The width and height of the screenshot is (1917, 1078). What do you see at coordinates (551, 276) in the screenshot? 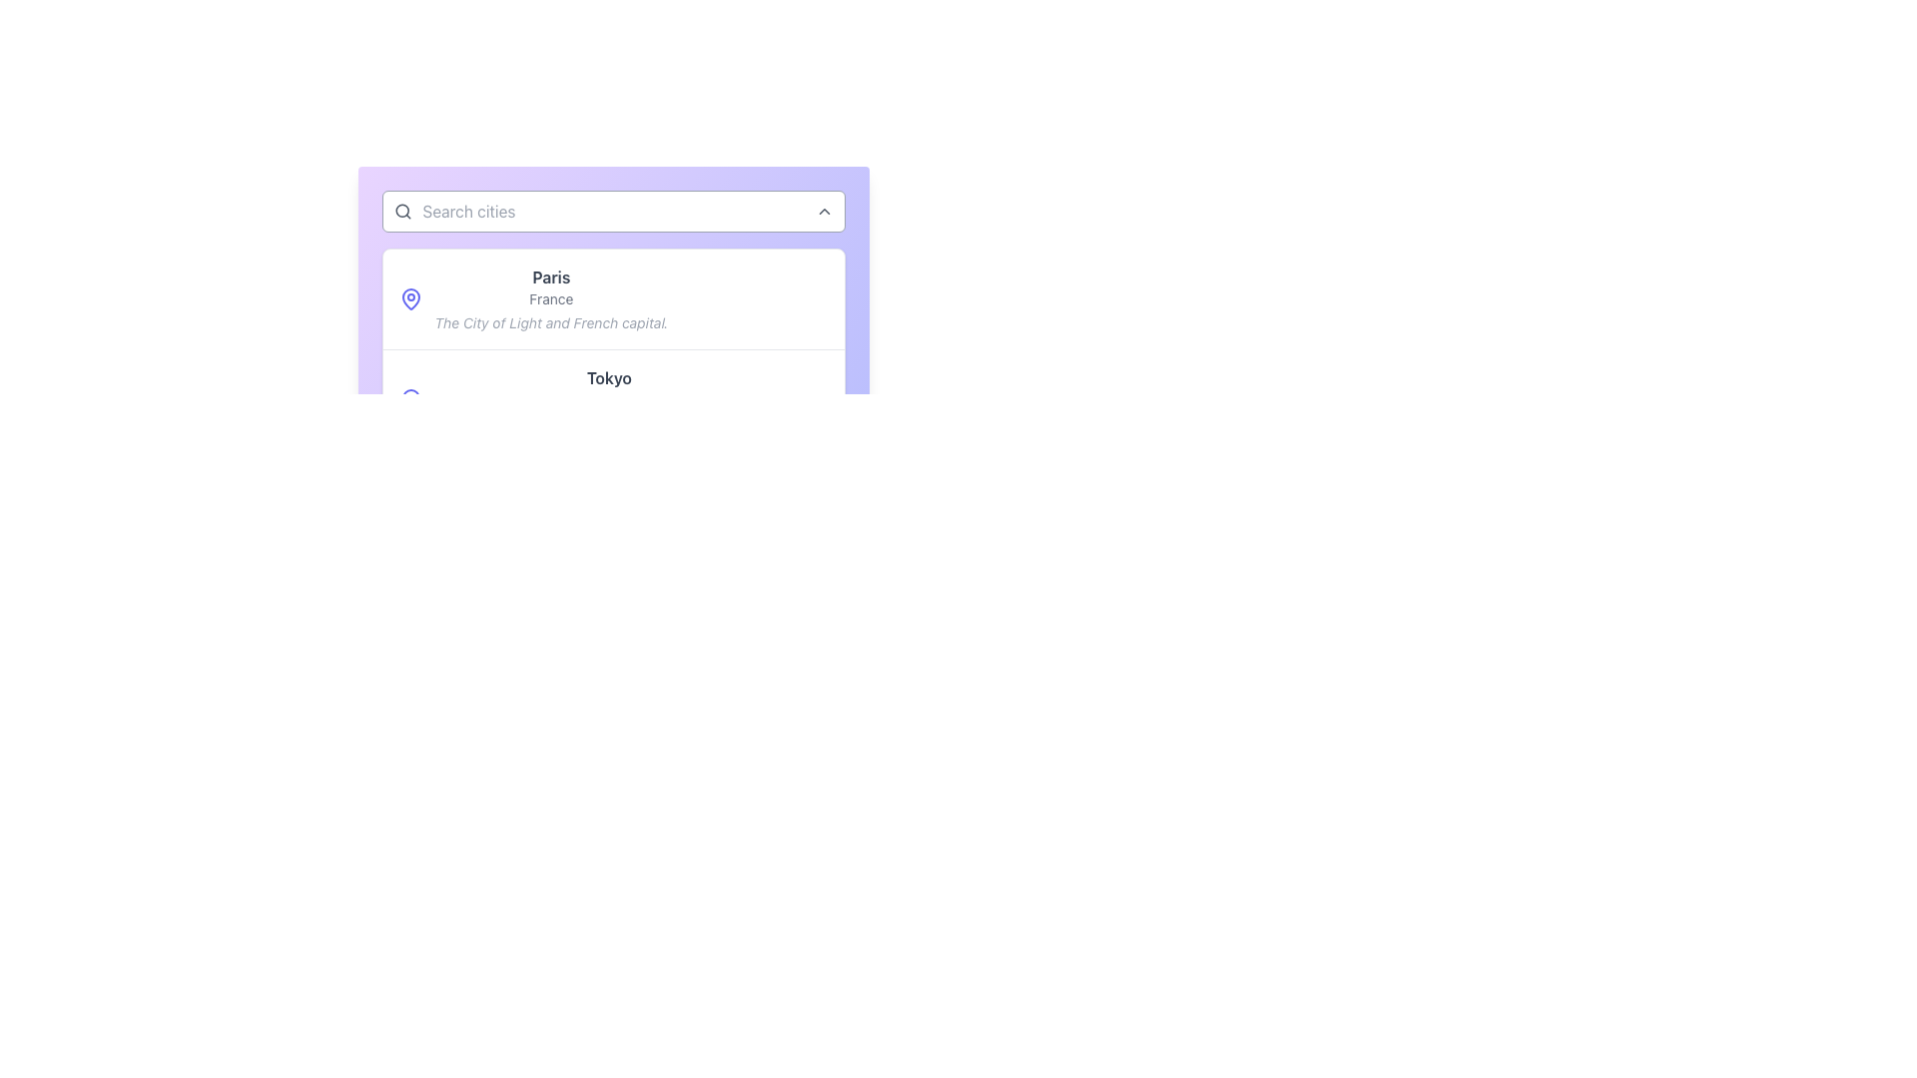
I see `the text label representing 'Paris' in the upper section of the city card, which serves as the title of the card` at bounding box center [551, 276].